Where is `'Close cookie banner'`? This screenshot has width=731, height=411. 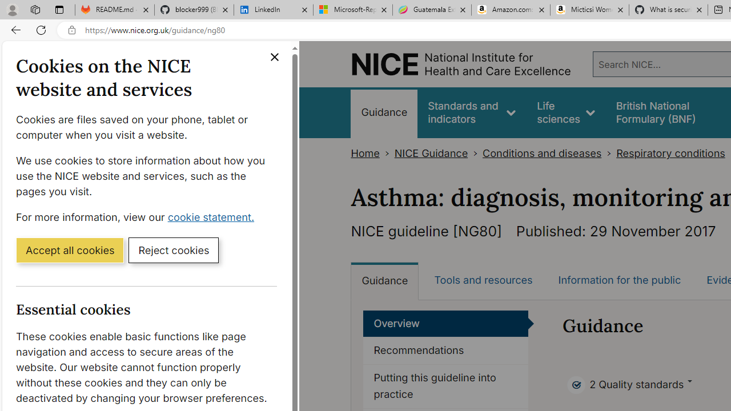
'Close cookie banner' is located at coordinates (274, 57).